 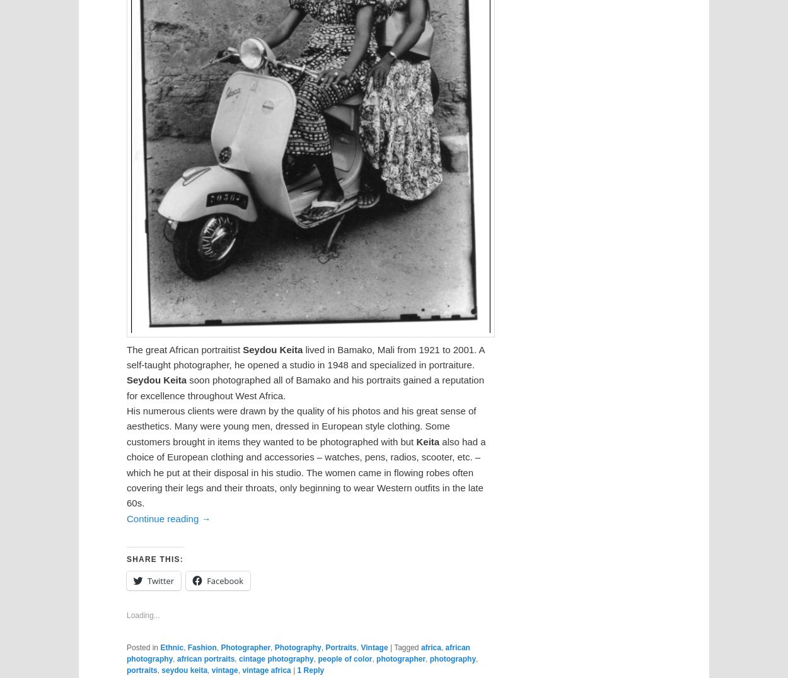 What do you see at coordinates (297, 646) in the screenshot?
I see `'Photography'` at bounding box center [297, 646].